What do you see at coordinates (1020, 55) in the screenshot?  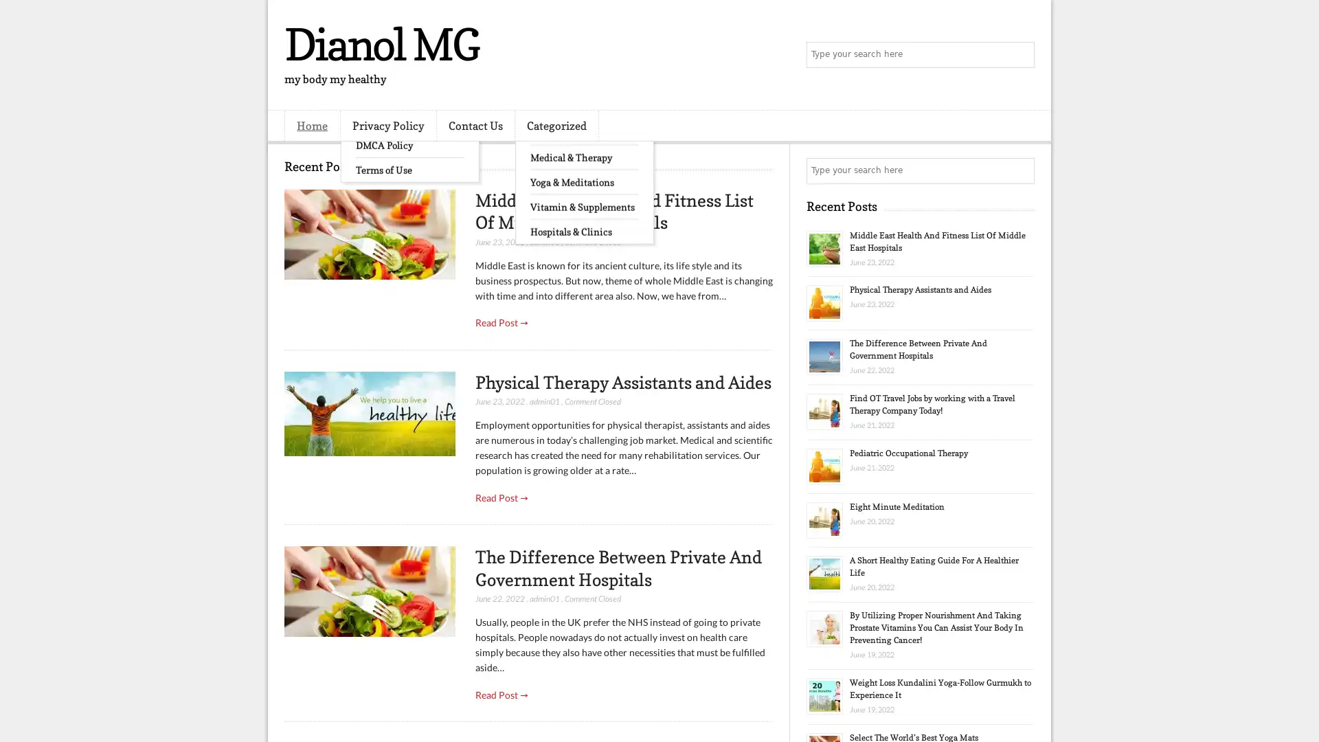 I see `Search` at bounding box center [1020, 55].